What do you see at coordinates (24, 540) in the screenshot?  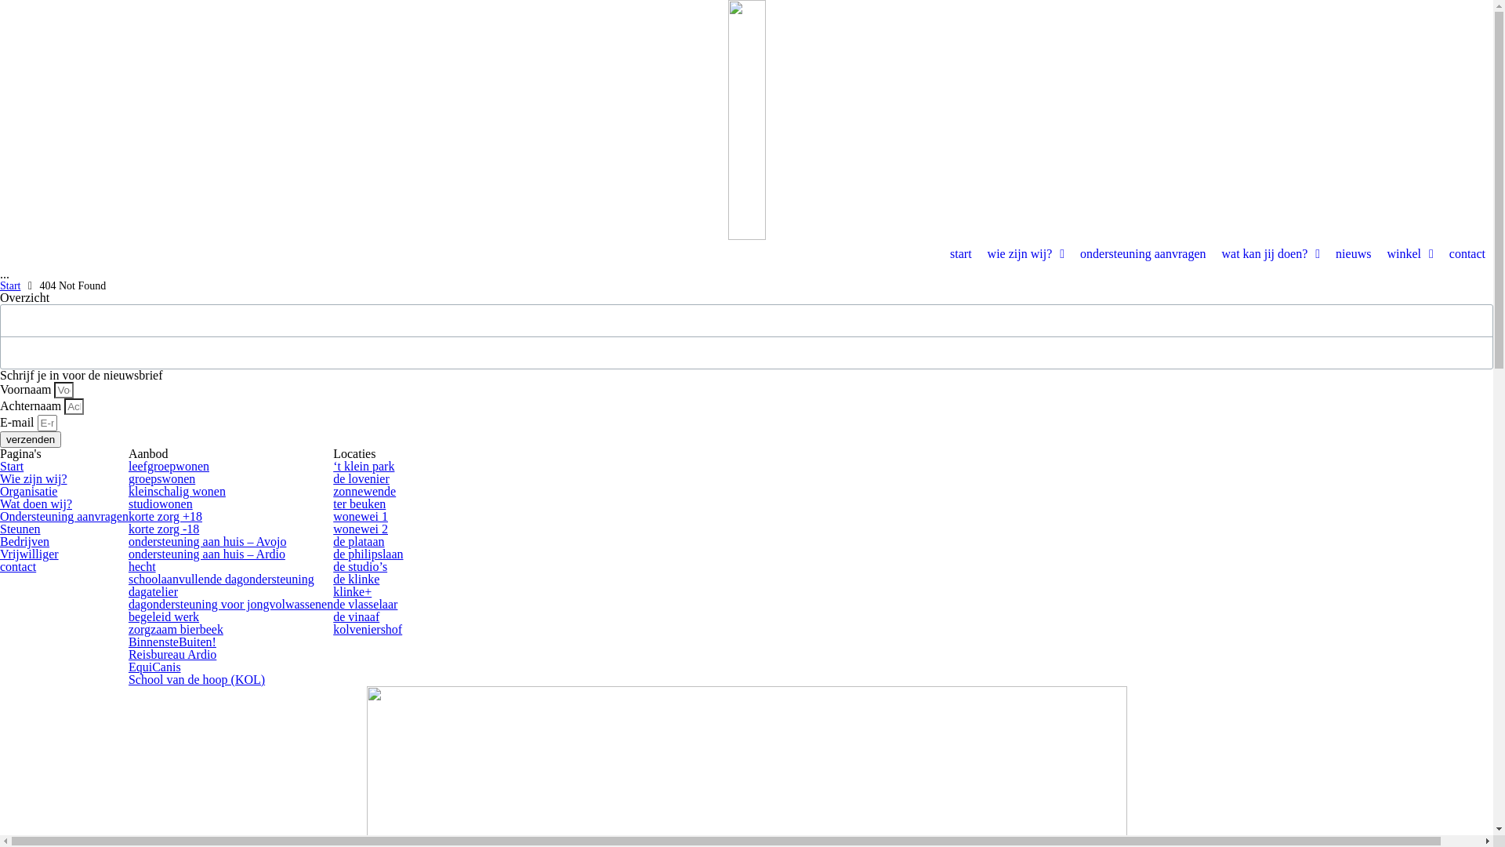 I see `'Bedrijven'` at bounding box center [24, 540].